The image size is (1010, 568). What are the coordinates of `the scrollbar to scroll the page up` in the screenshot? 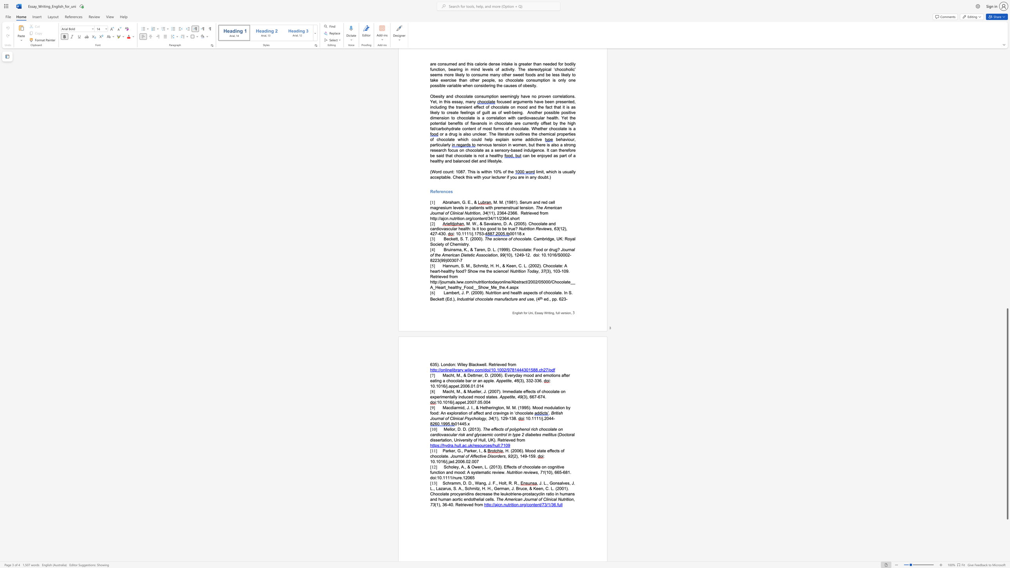 It's located at (1007, 254).